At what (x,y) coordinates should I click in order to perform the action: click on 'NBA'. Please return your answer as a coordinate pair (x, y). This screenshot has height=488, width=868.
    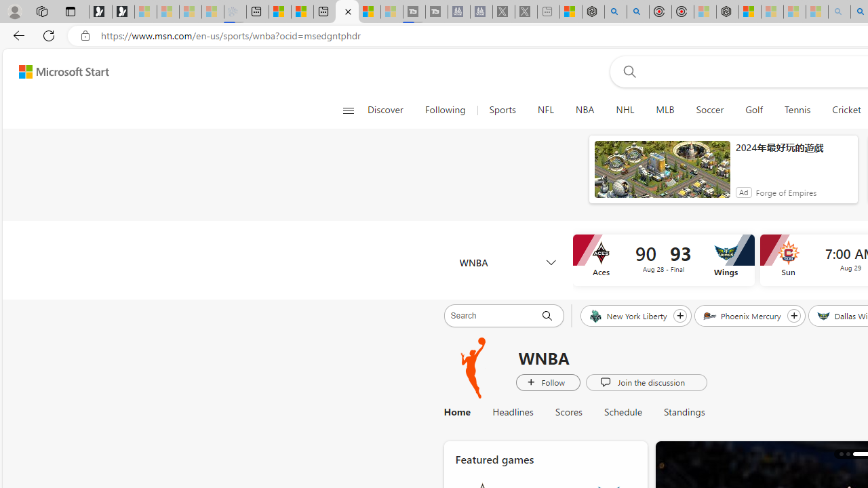
    Looking at the image, I should click on (585, 110).